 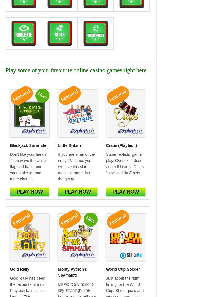 What do you see at coordinates (125, 163) in the screenshot?
I see `'Super realistic game play. Oversized dice and roll history. Offers "buy" and "lay" bets.'` at bounding box center [125, 163].